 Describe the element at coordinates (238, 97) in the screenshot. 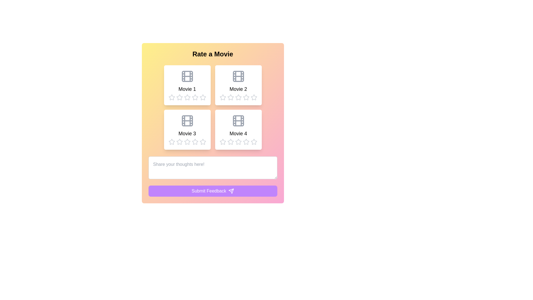

I see `the second star rating icon for 'Movie 2'` at that location.